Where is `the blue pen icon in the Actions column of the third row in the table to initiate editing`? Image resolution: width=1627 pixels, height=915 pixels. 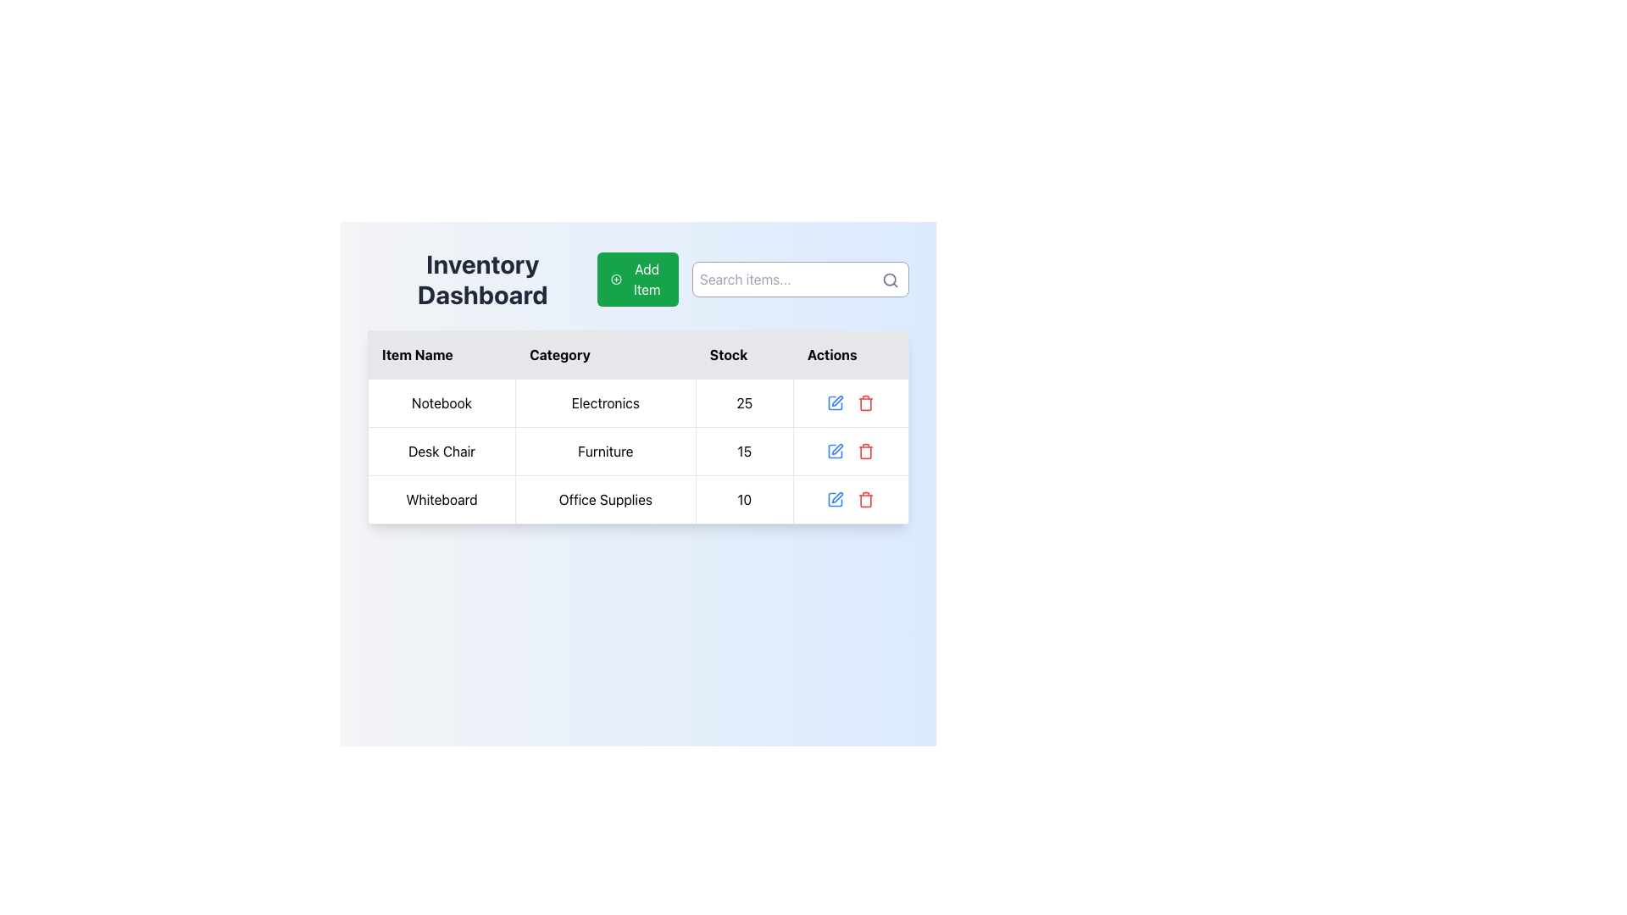
the blue pen icon in the Actions column of the third row in the table to initiate editing is located at coordinates (836, 499).